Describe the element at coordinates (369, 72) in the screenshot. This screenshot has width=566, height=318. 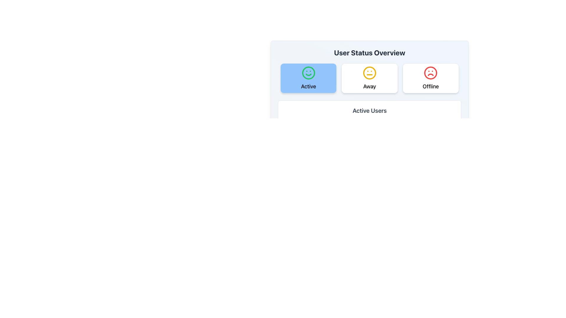
I see `the status representation of the yellow circular face icon with a neutral expression, positioned in the middle of the user status options` at that location.